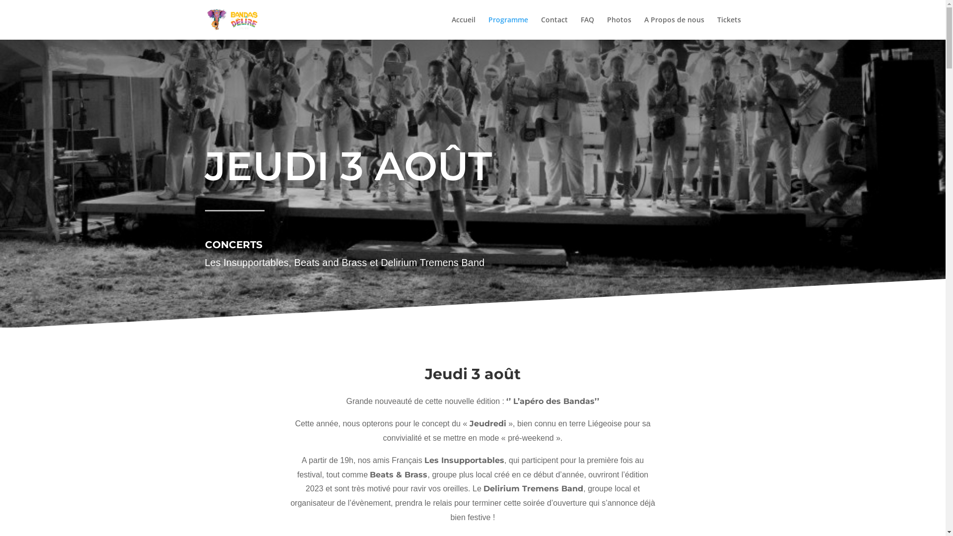  What do you see at coordinates (581, 27) in the screenshot?
I see `'FAQ'` at bounding box center [581, 27].